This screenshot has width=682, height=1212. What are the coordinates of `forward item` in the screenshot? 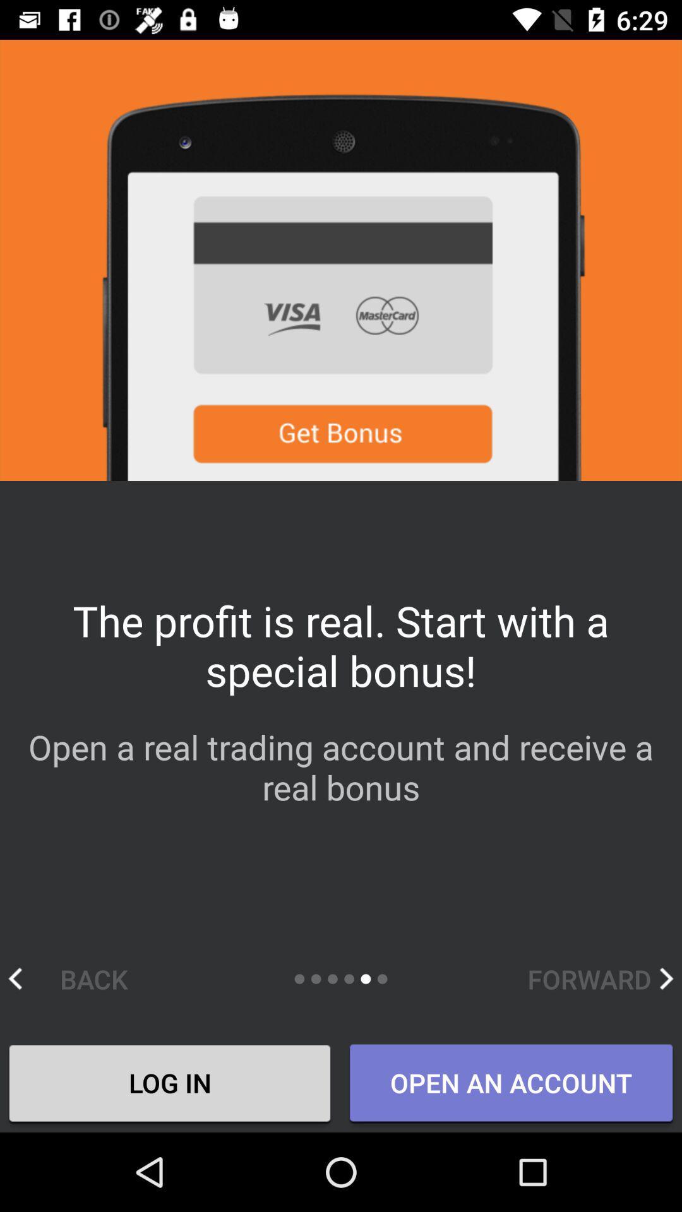 It's located at (600, 978).